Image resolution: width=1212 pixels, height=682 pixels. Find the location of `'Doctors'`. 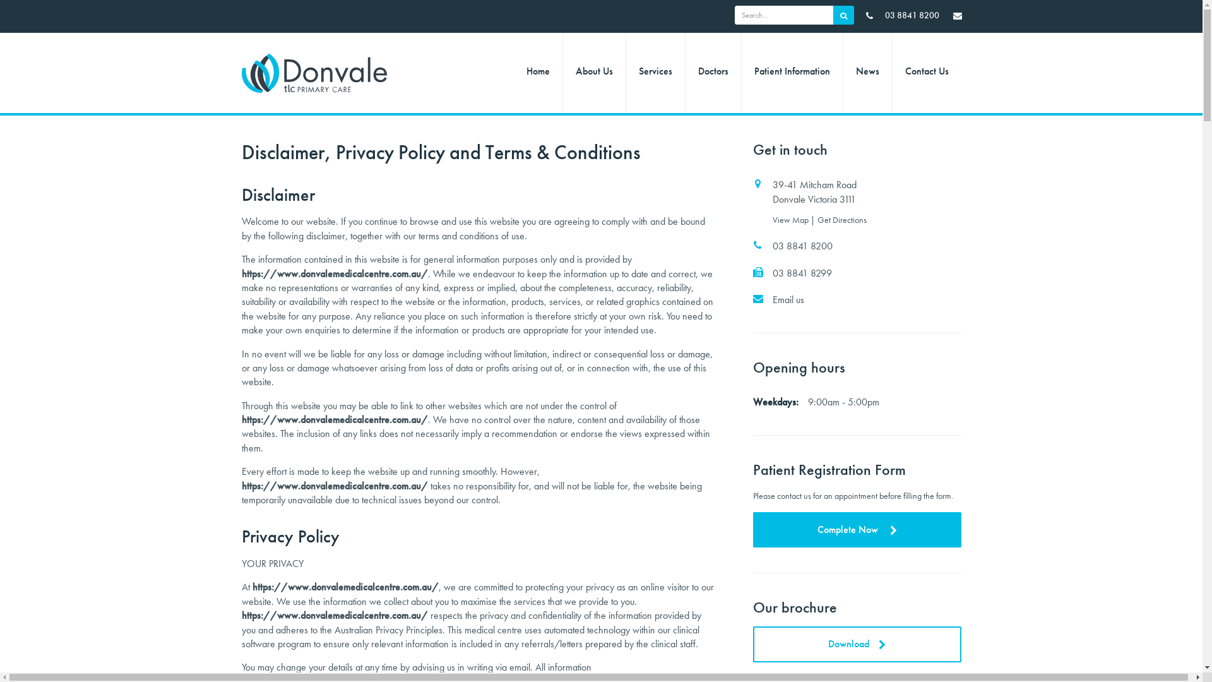

'Doctors' is located at coordinates (713, 73).